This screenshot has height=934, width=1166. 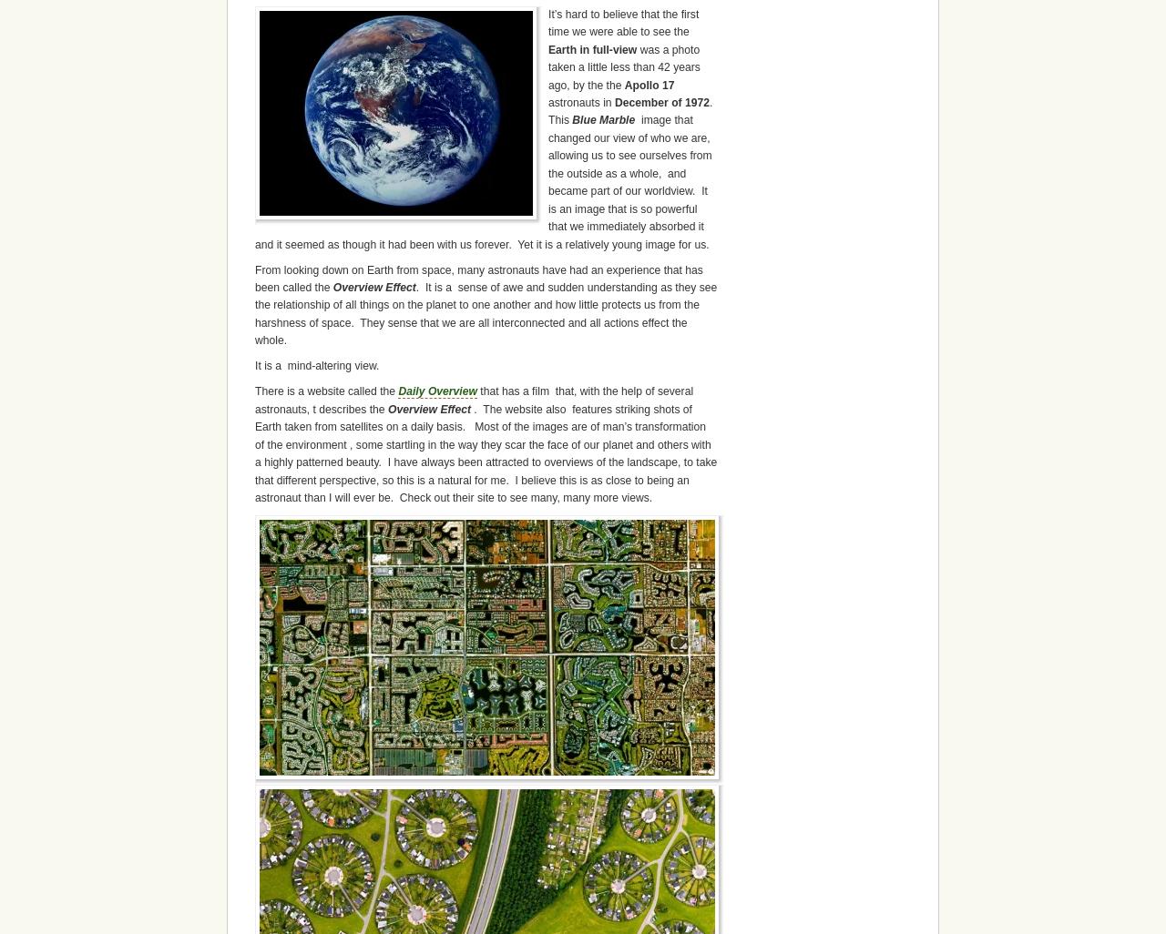 What do you see at coordinates (624, 66) in the screenshot?
I see `'was a photo taken a little less than 42 years ago, by the the'` at bounding box center [624, 66].